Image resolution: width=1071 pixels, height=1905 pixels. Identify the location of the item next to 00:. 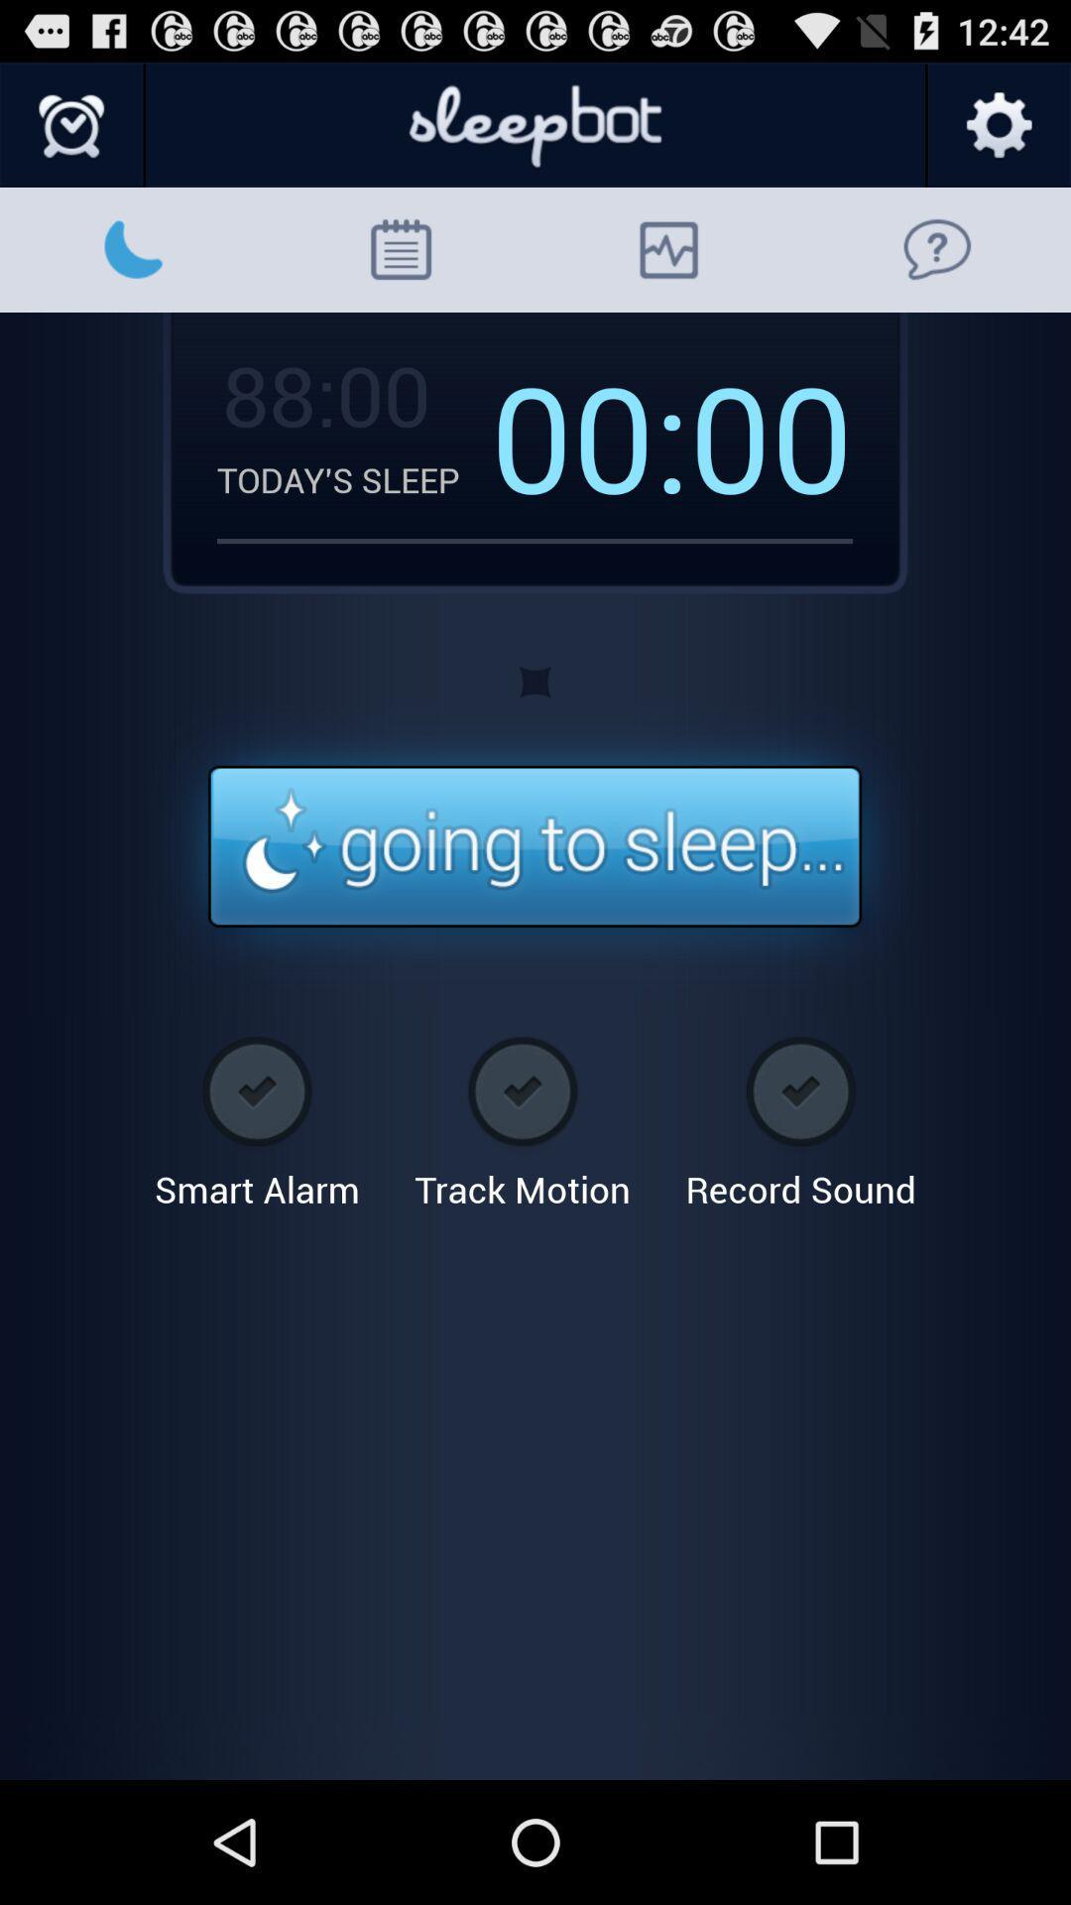
(322, 394).